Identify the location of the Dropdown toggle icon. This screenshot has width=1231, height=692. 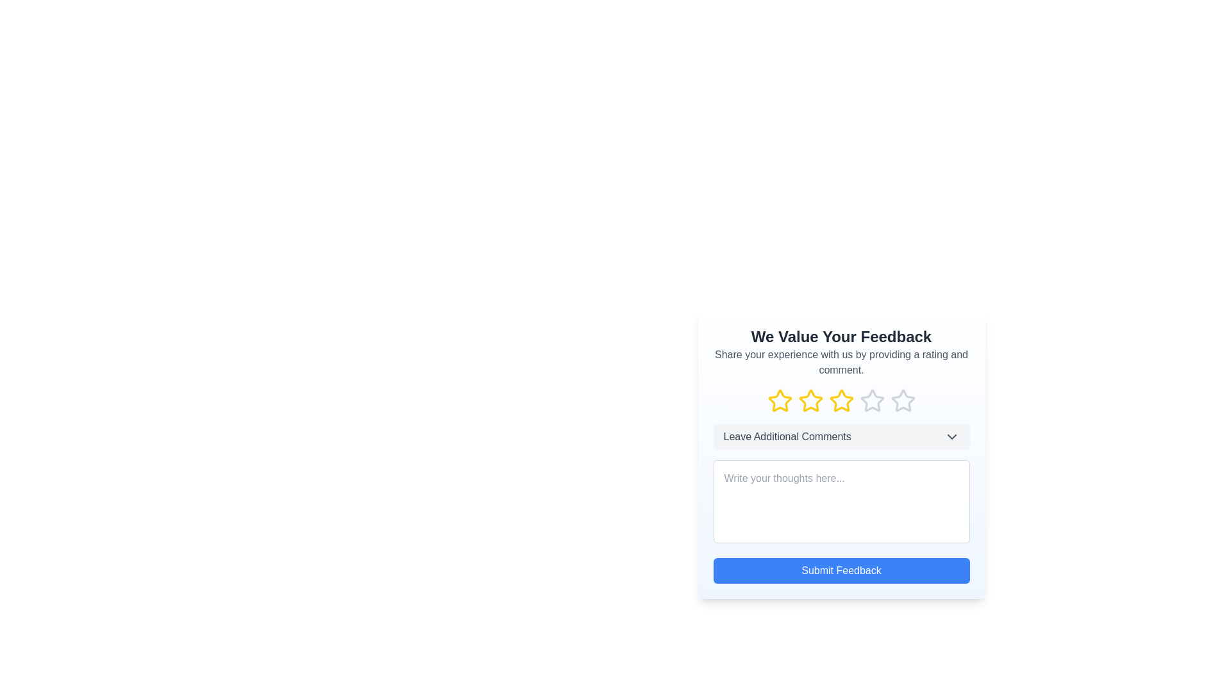
(951, 436).